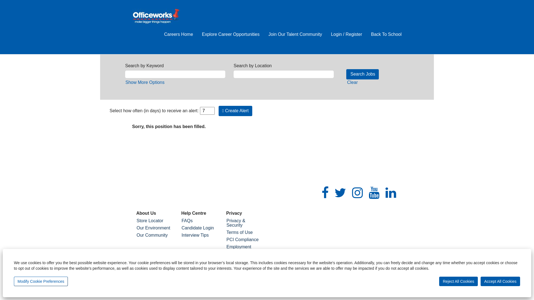 This screenshot has width=534, height=300. What do you see at coordinates (390, 192) in the screenshot?
I see `'linkedin'` at bounding box center [390, 192].